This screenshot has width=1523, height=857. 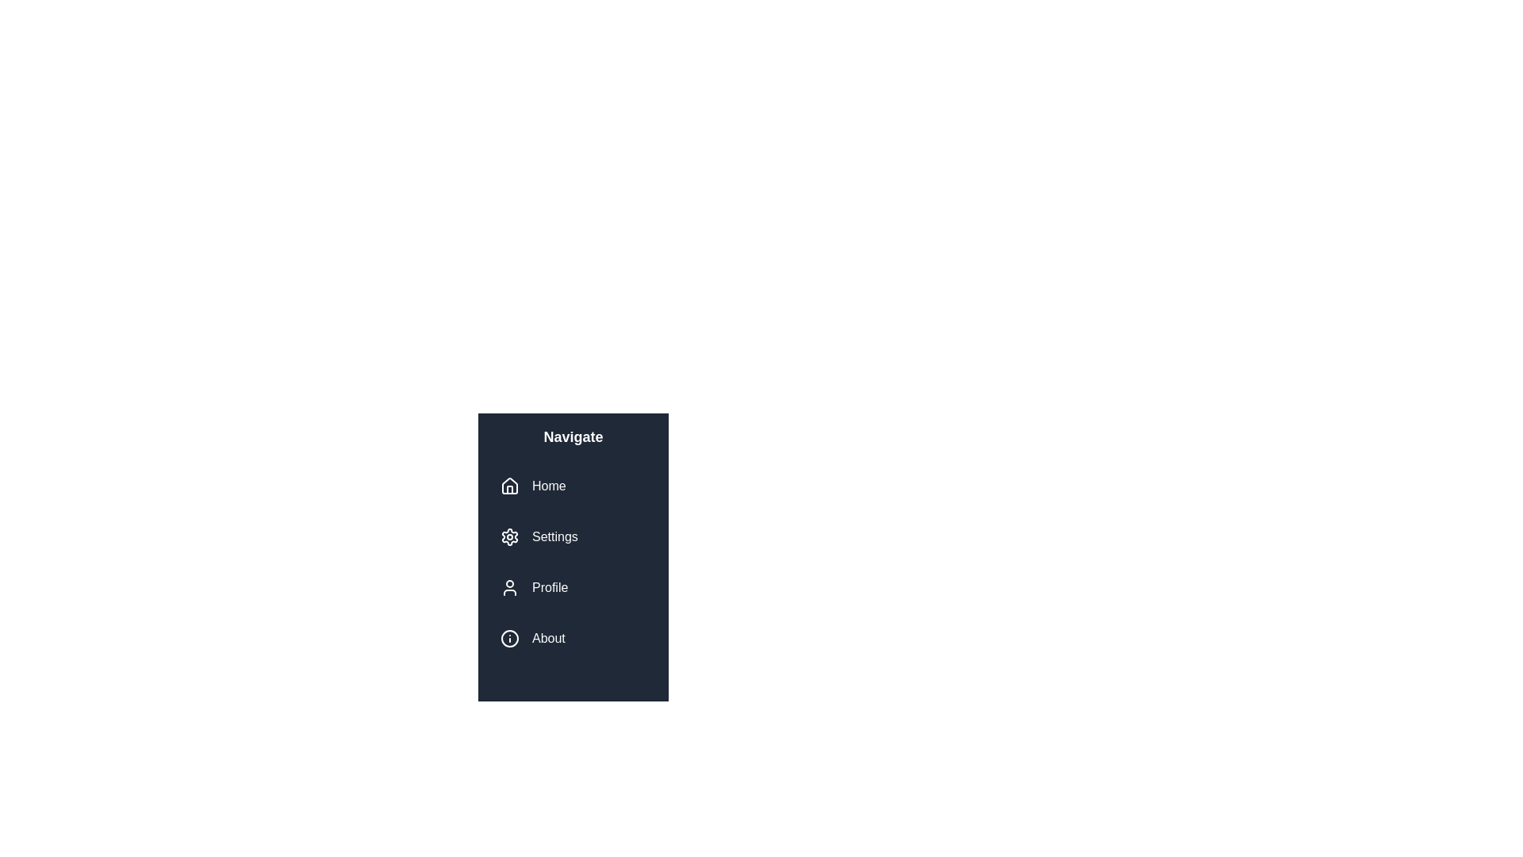 I want to click on the 'Settings' text label, which is styled in a white sans-serif font against a dark background in the navigation menu, so click(x=554, y=536).